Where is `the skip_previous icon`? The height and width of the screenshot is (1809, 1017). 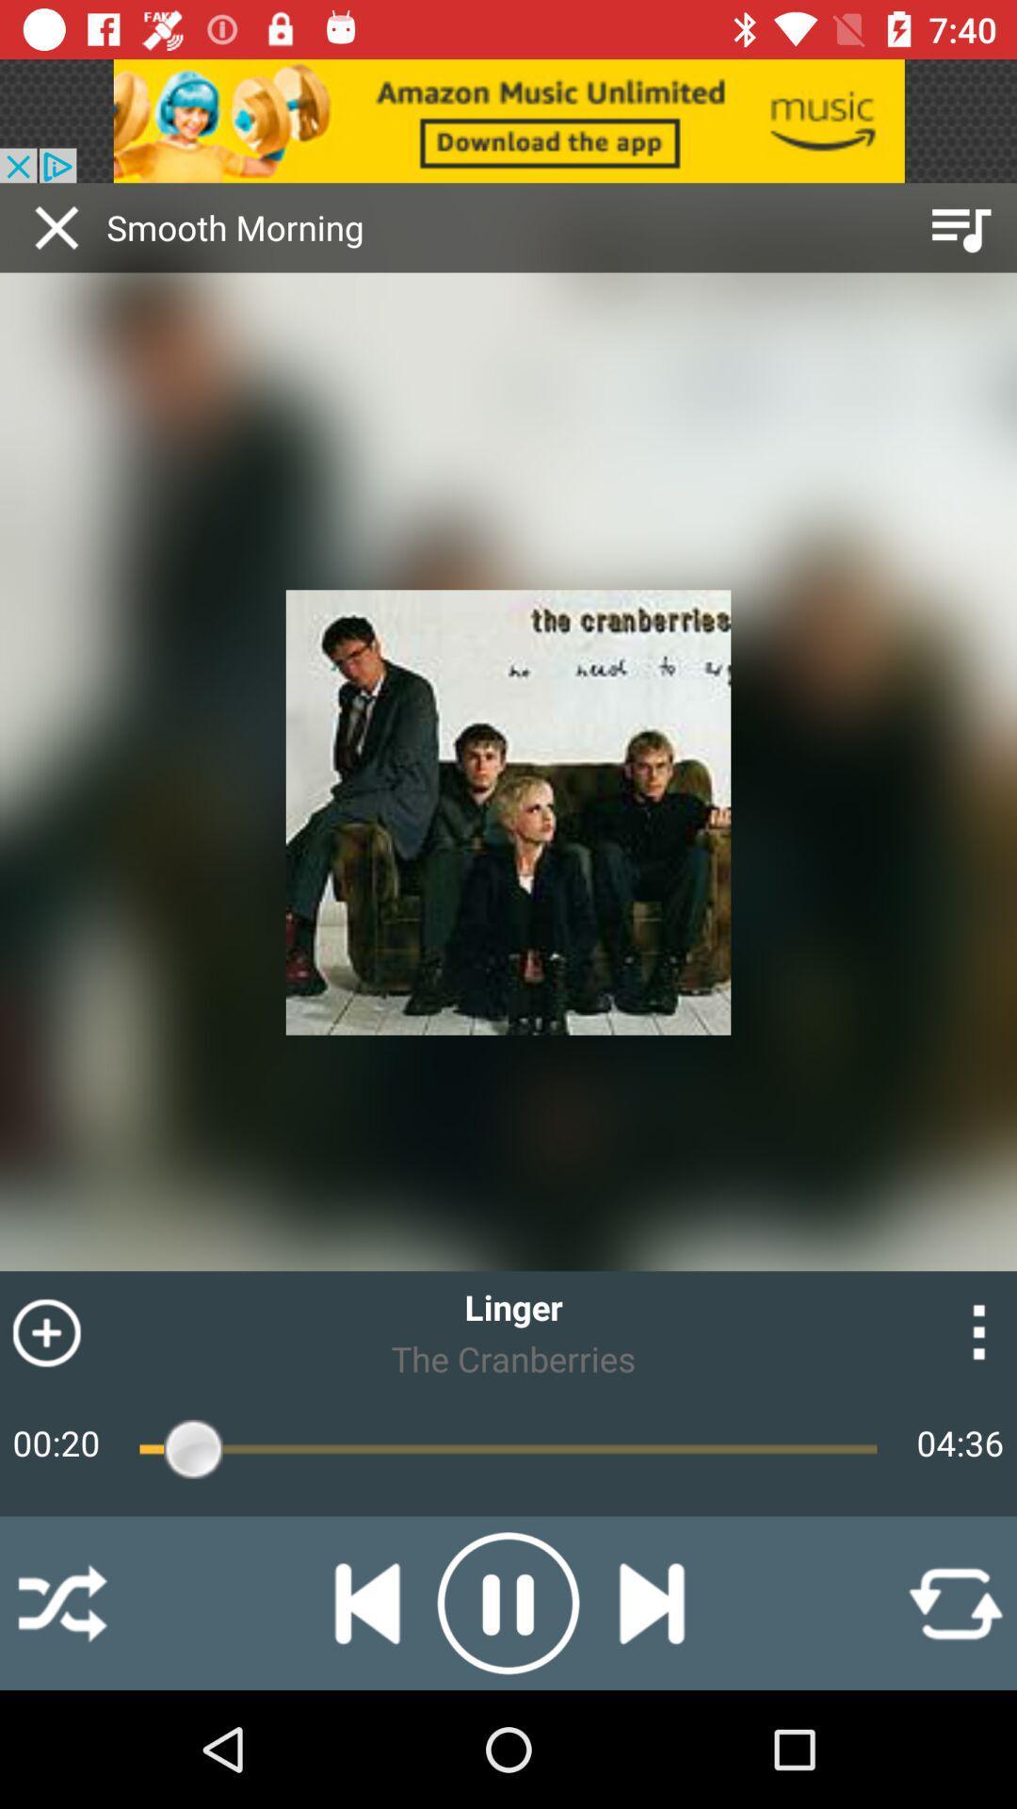 the skip_previous icon is located at coordinates (365, 1602).